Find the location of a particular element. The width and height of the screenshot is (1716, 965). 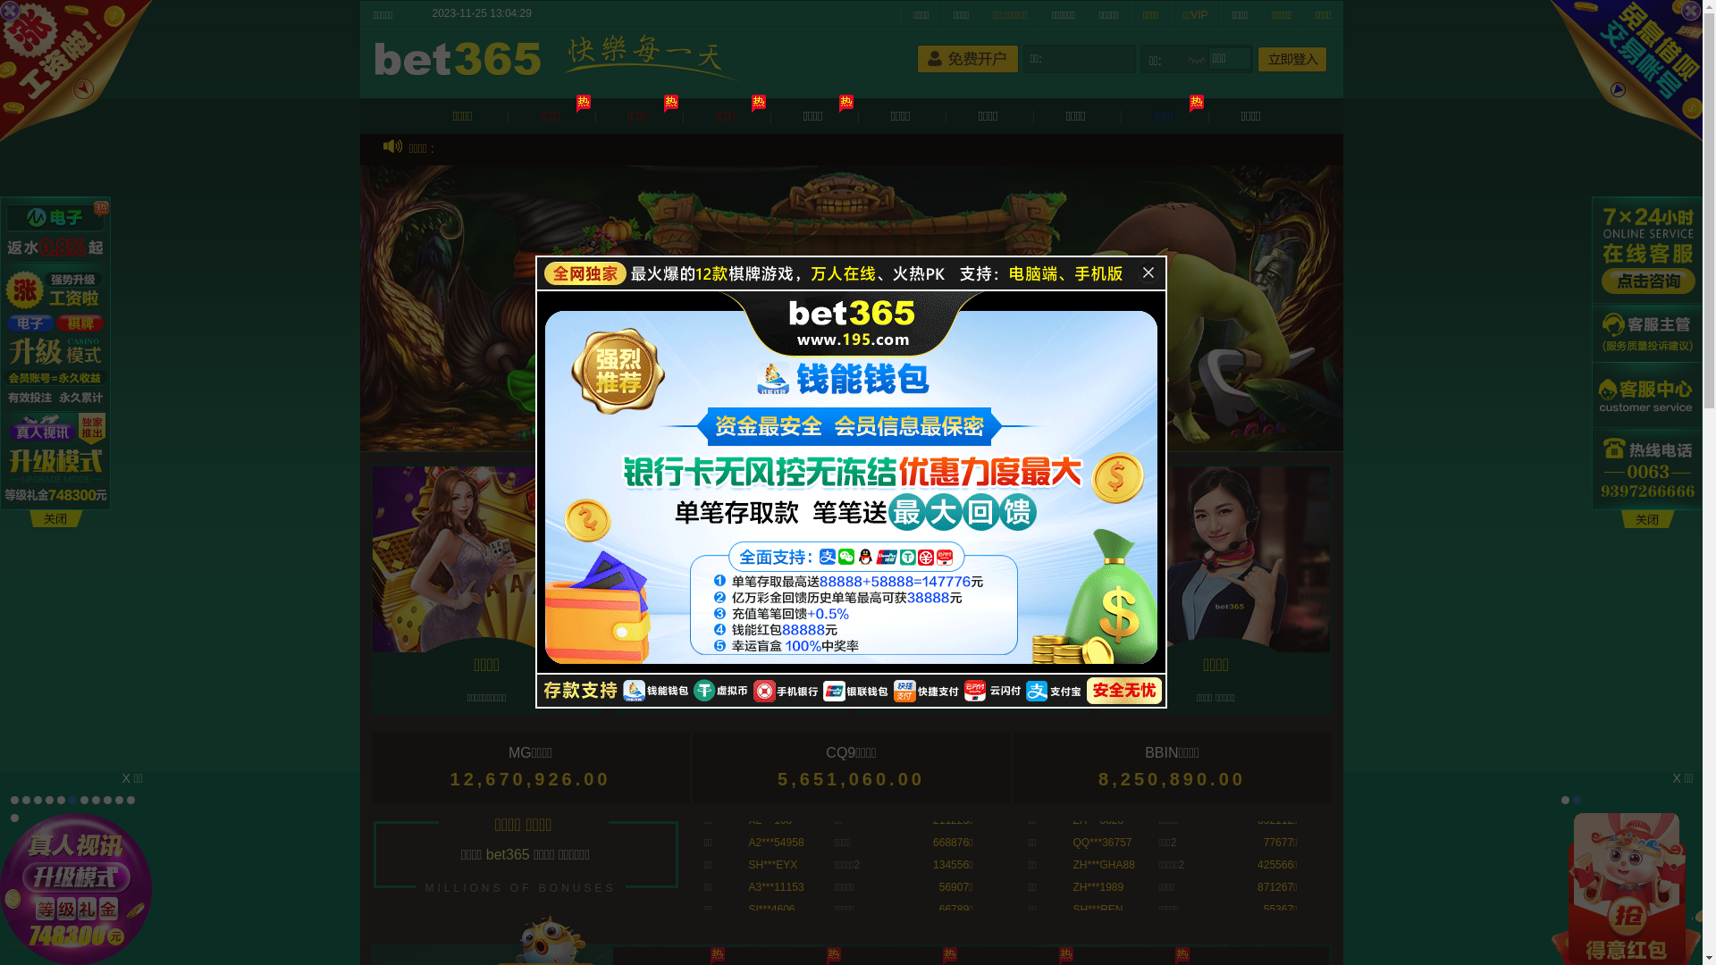

'5' is located at coordinates (61, 799).